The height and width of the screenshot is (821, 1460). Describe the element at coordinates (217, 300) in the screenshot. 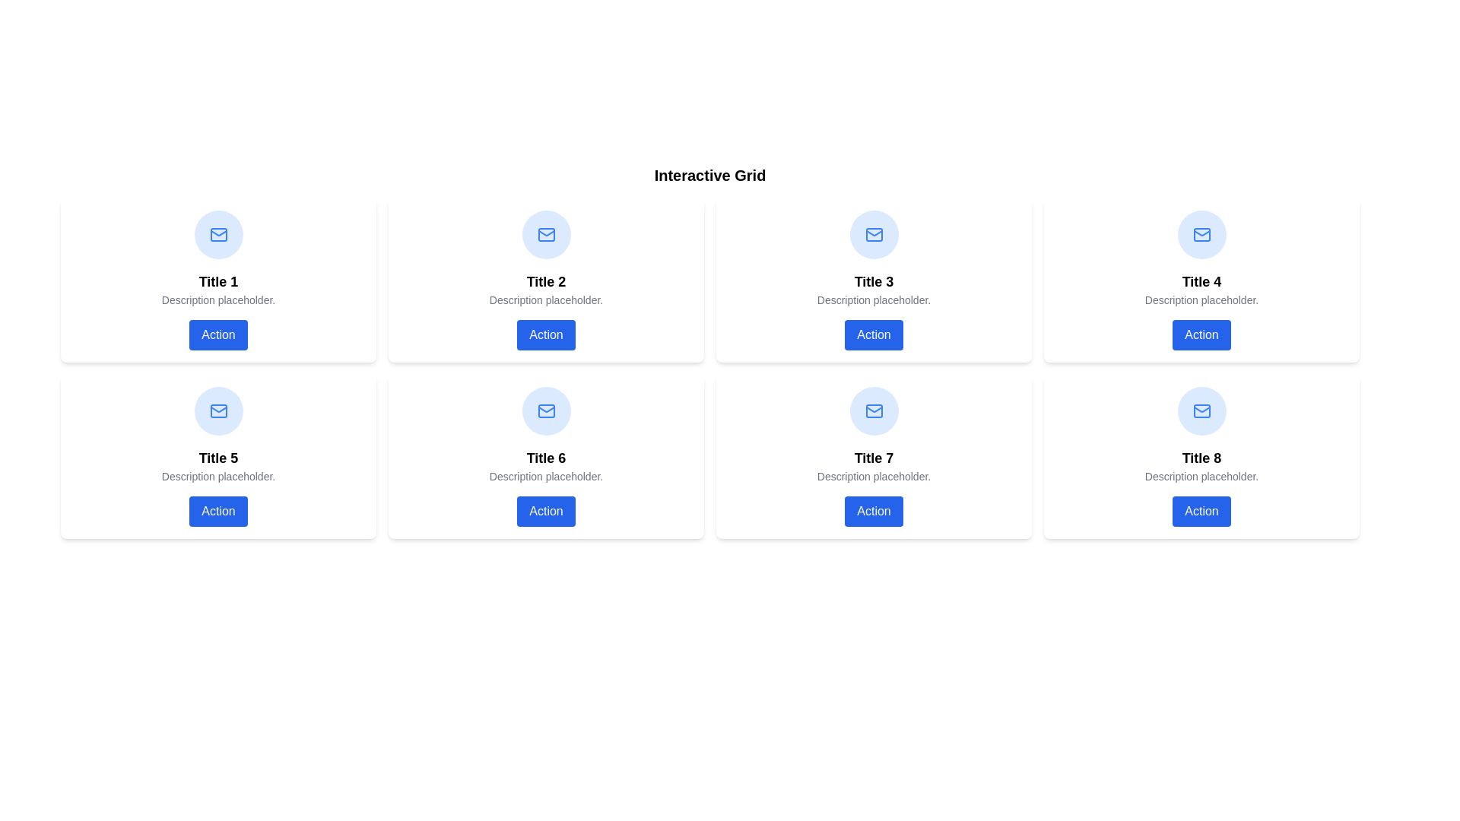

I see `the static text element reading 'Description placeholder.' which is positioned centrally within the top-left card beneath 'Title 1' and above the 'Action' button` at that location.